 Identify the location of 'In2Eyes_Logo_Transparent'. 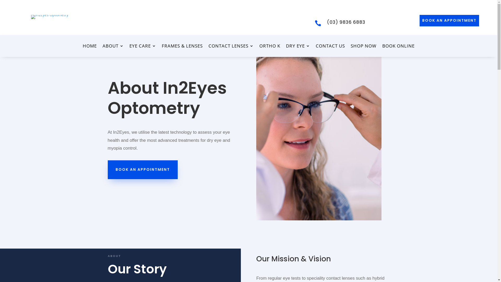
(50, 17).